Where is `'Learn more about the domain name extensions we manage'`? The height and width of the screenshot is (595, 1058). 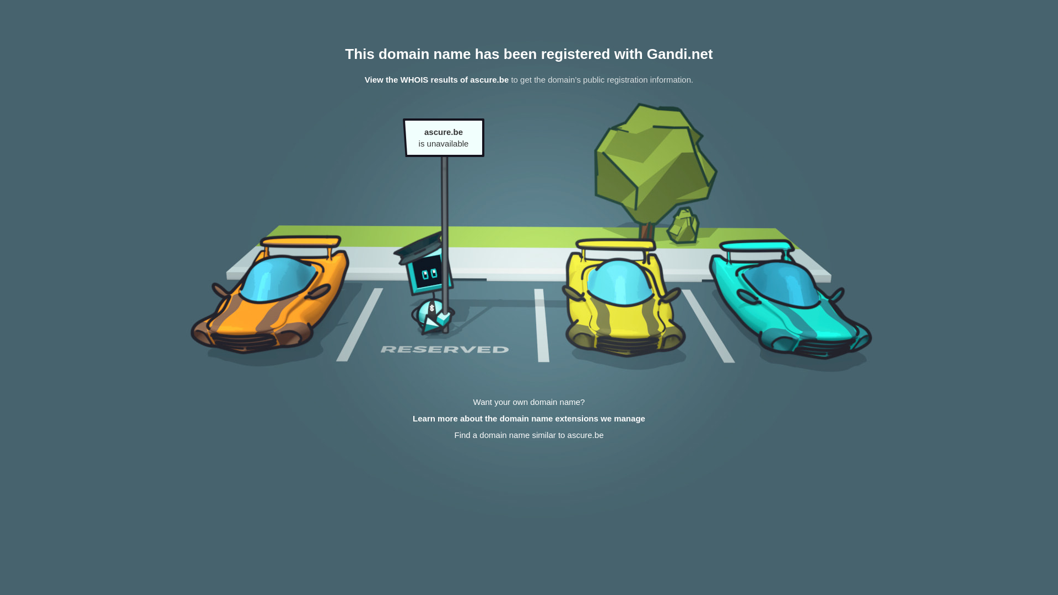 'Learn more about the domain name extensions we manage' is located at coordinates (529, 418).